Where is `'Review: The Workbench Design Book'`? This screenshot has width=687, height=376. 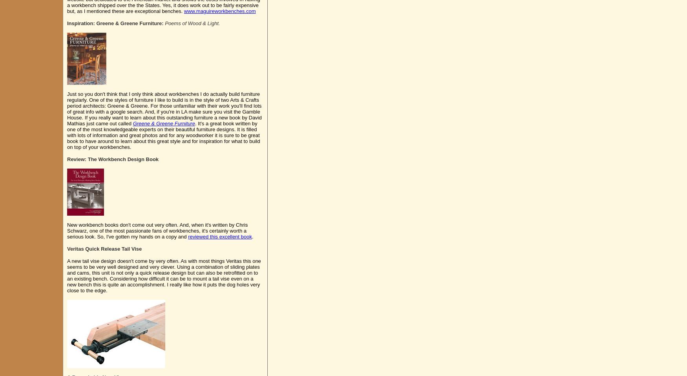 'Review: The Workbench Design Book' is located at coordinates (112, 159).